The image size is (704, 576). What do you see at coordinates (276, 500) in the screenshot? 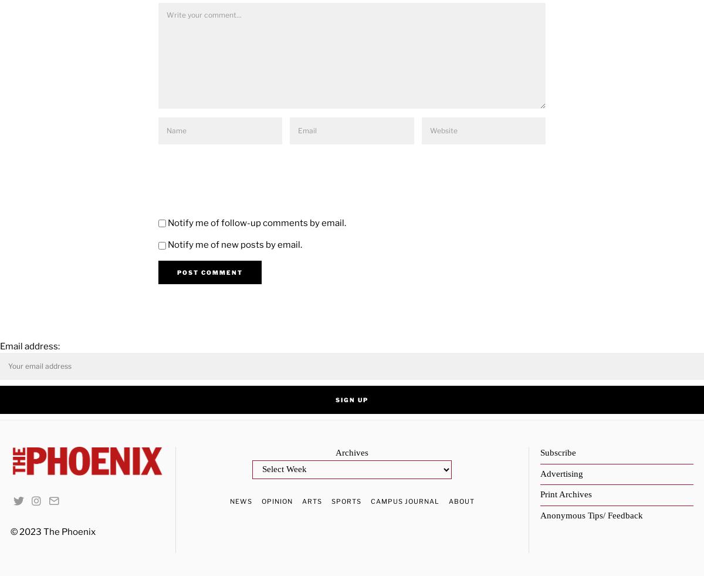
I see `'Opinion'` at bounding box center [276, 500].